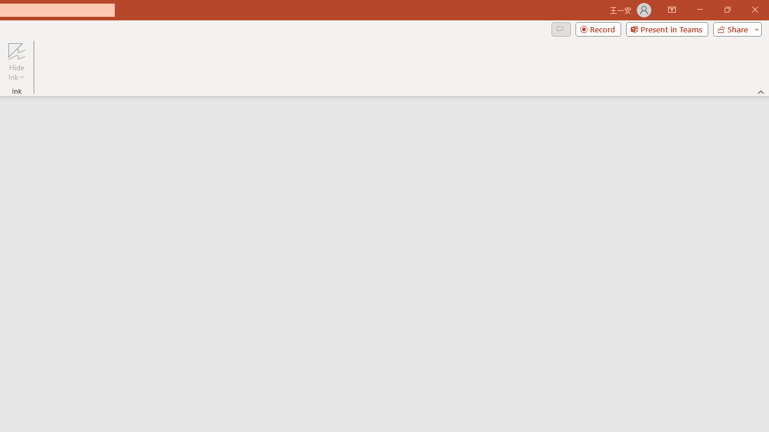 The height and width of the screenshot is (432, 769). I want to click on 'Ribbon Display Options', so click(671, 10).